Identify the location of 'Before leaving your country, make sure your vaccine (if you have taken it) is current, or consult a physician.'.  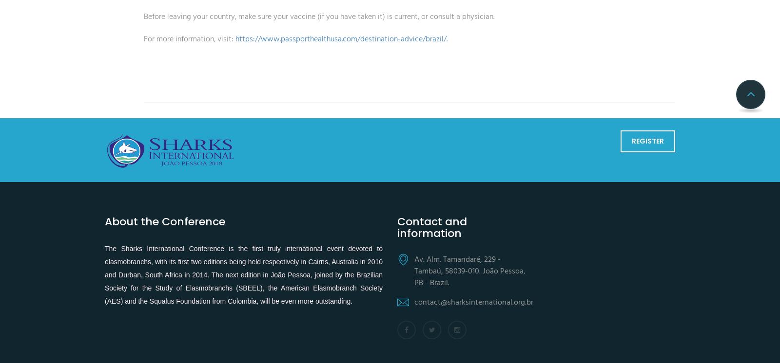
(319, 8).